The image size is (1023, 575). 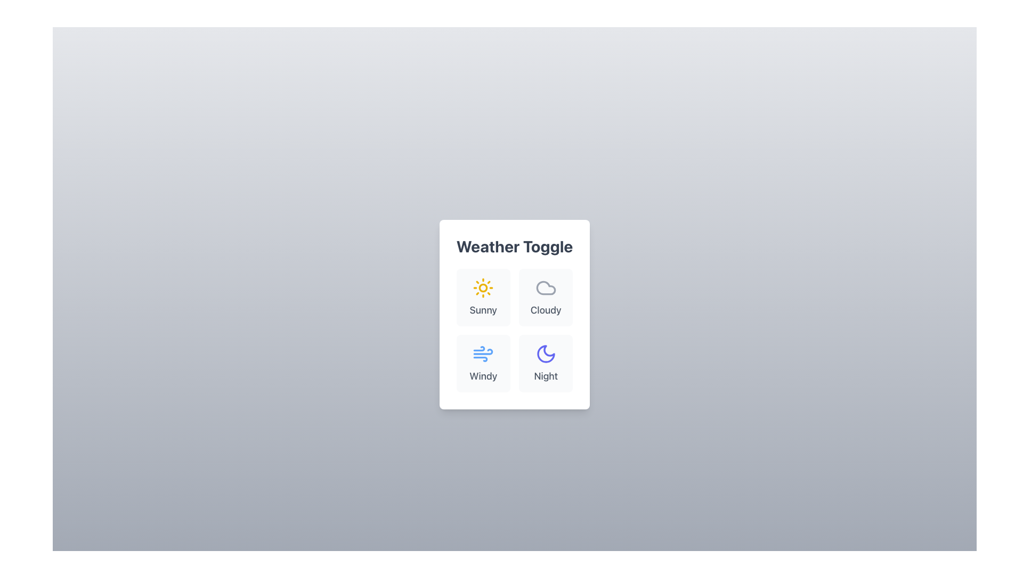 What do you see at coordinates (483, 287) in the screenshot?
I see `the sun icon in the weather toggle component, which is represented by a circular graphical element indicating sunny weather` at bounding box center [483, 287].